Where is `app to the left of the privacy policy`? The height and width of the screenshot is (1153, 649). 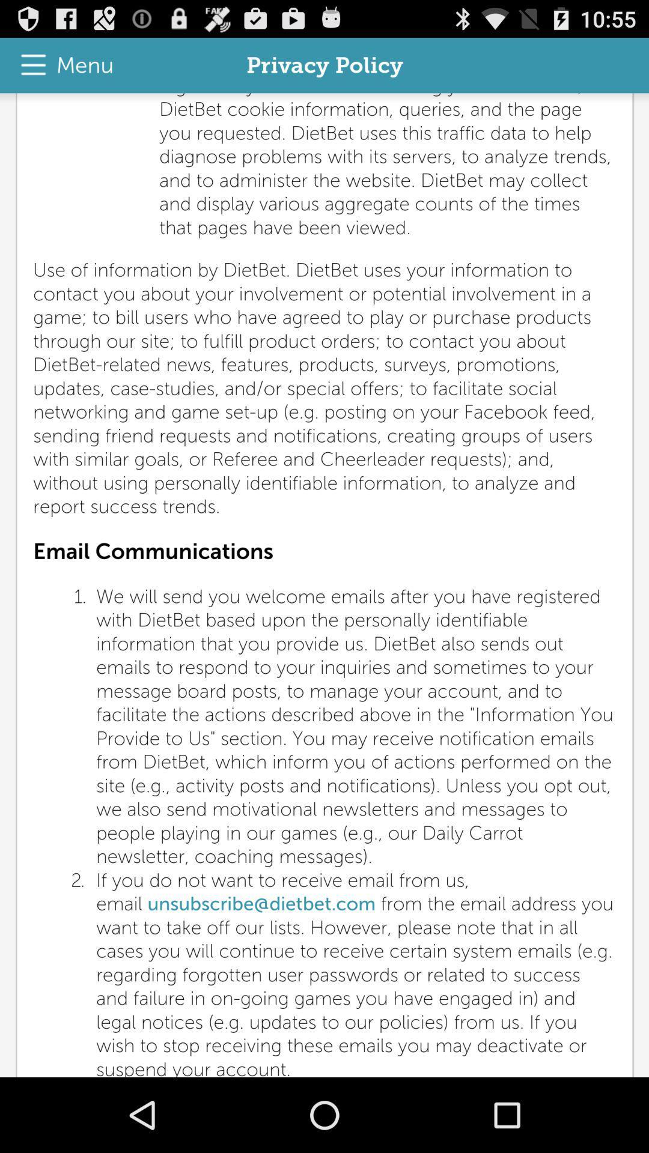
app to the left of the privacy policy is located at coordinates (61, 65).